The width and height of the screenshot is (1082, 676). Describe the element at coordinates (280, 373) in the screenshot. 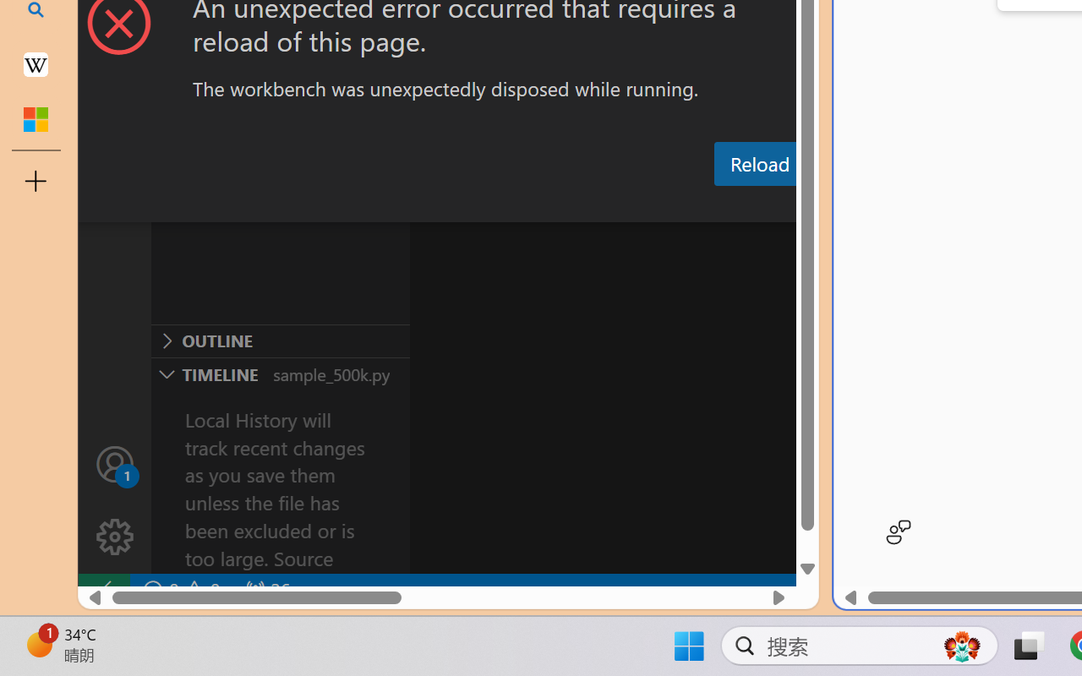

I see `'Timeline Section'` at that location.